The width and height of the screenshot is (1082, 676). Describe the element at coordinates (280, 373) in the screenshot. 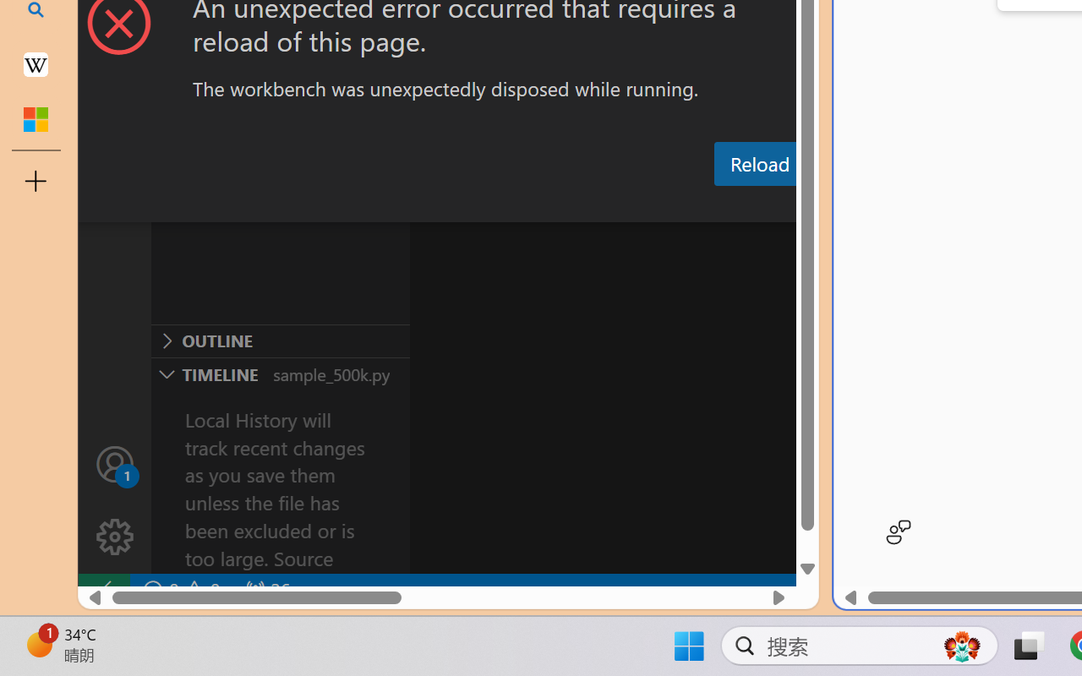

I see `'Timeline Section'` at that location.